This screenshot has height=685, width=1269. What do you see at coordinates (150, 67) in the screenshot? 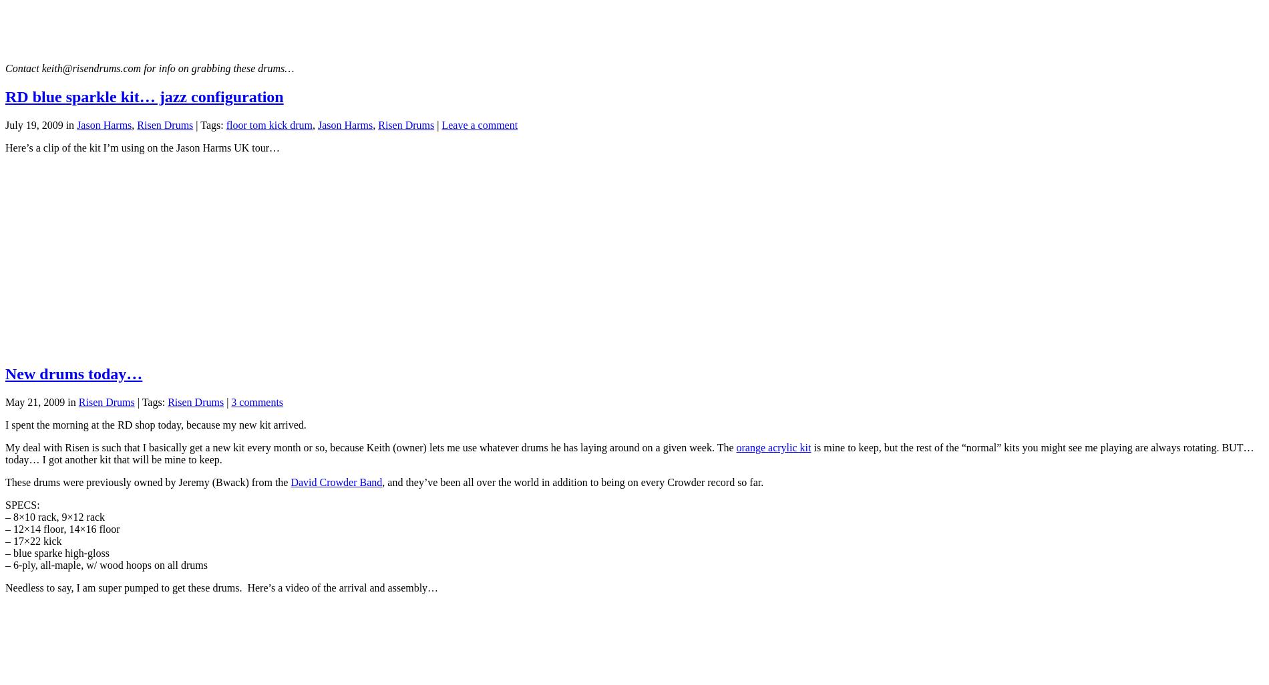
I see `'Contact keith@risendrums.com for info on grabbing these drums…'` at bounding box center [150, 67].